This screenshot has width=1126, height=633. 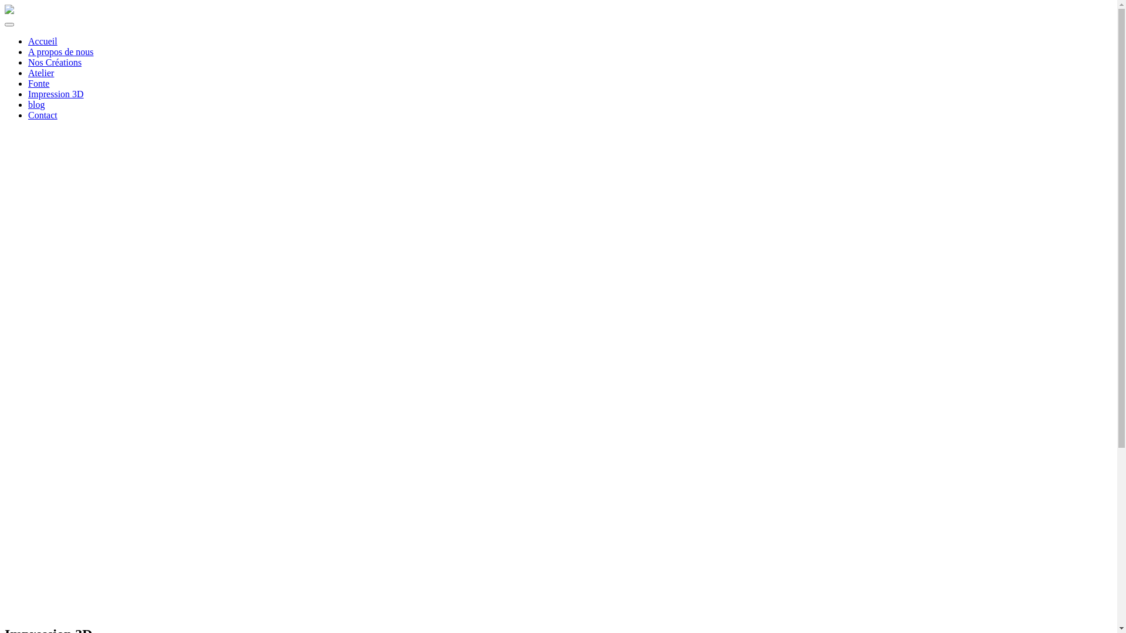 I want to click on 'Fonte', so click(x=28, y=83).